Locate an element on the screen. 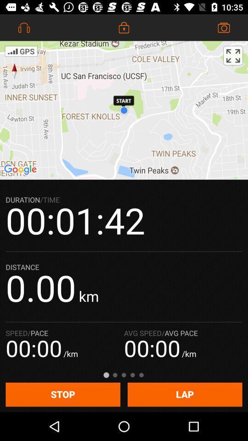 This screenshot has width=248, height=441. the icon above the lap is located at coordinates (233, 55).